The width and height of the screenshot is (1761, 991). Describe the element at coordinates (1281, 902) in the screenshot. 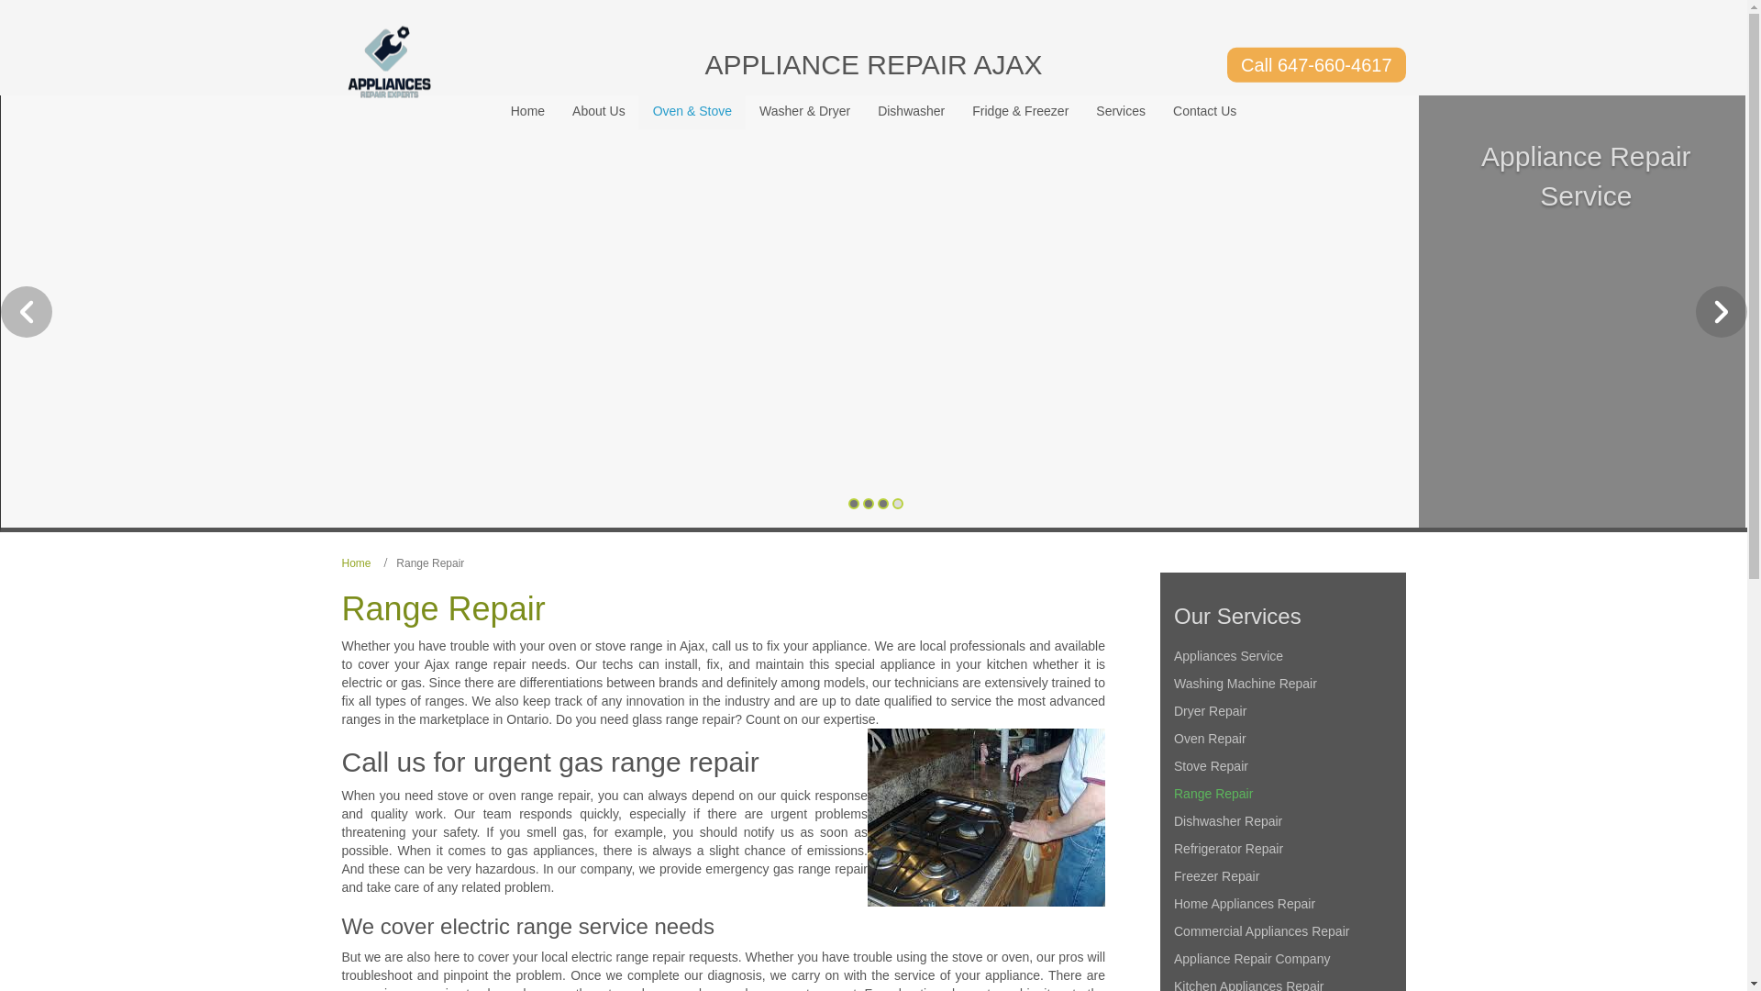

I see `'Home Appliances Repair'` at that location.